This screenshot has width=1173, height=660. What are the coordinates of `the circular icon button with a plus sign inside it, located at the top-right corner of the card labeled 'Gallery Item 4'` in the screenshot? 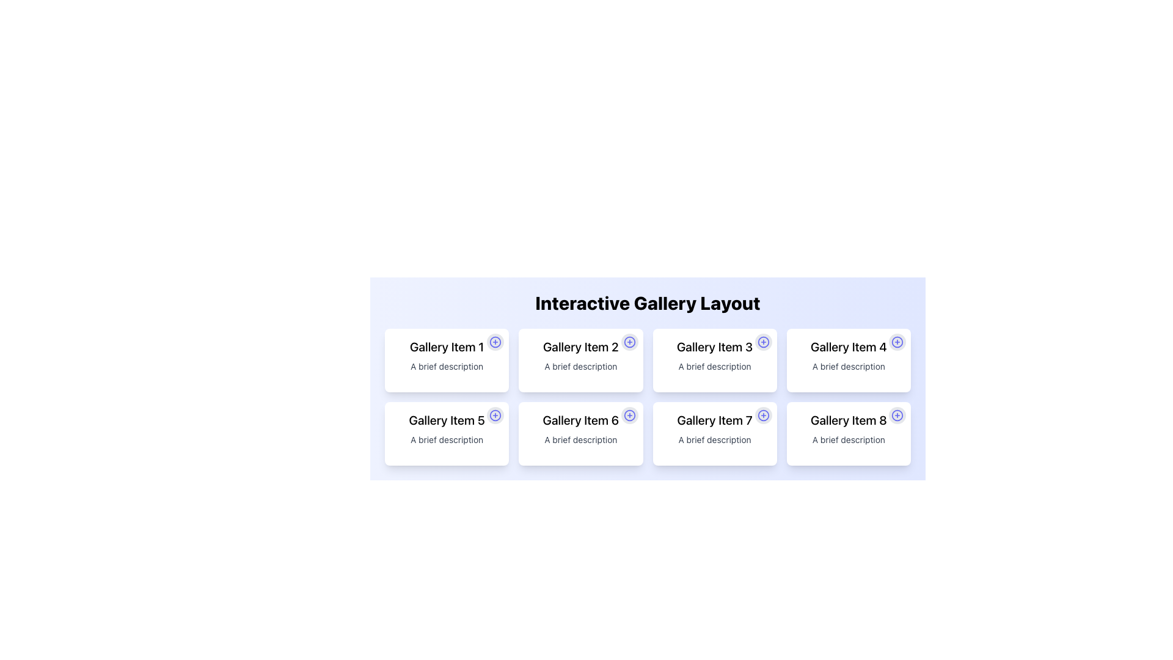 It's located at (897, 342).